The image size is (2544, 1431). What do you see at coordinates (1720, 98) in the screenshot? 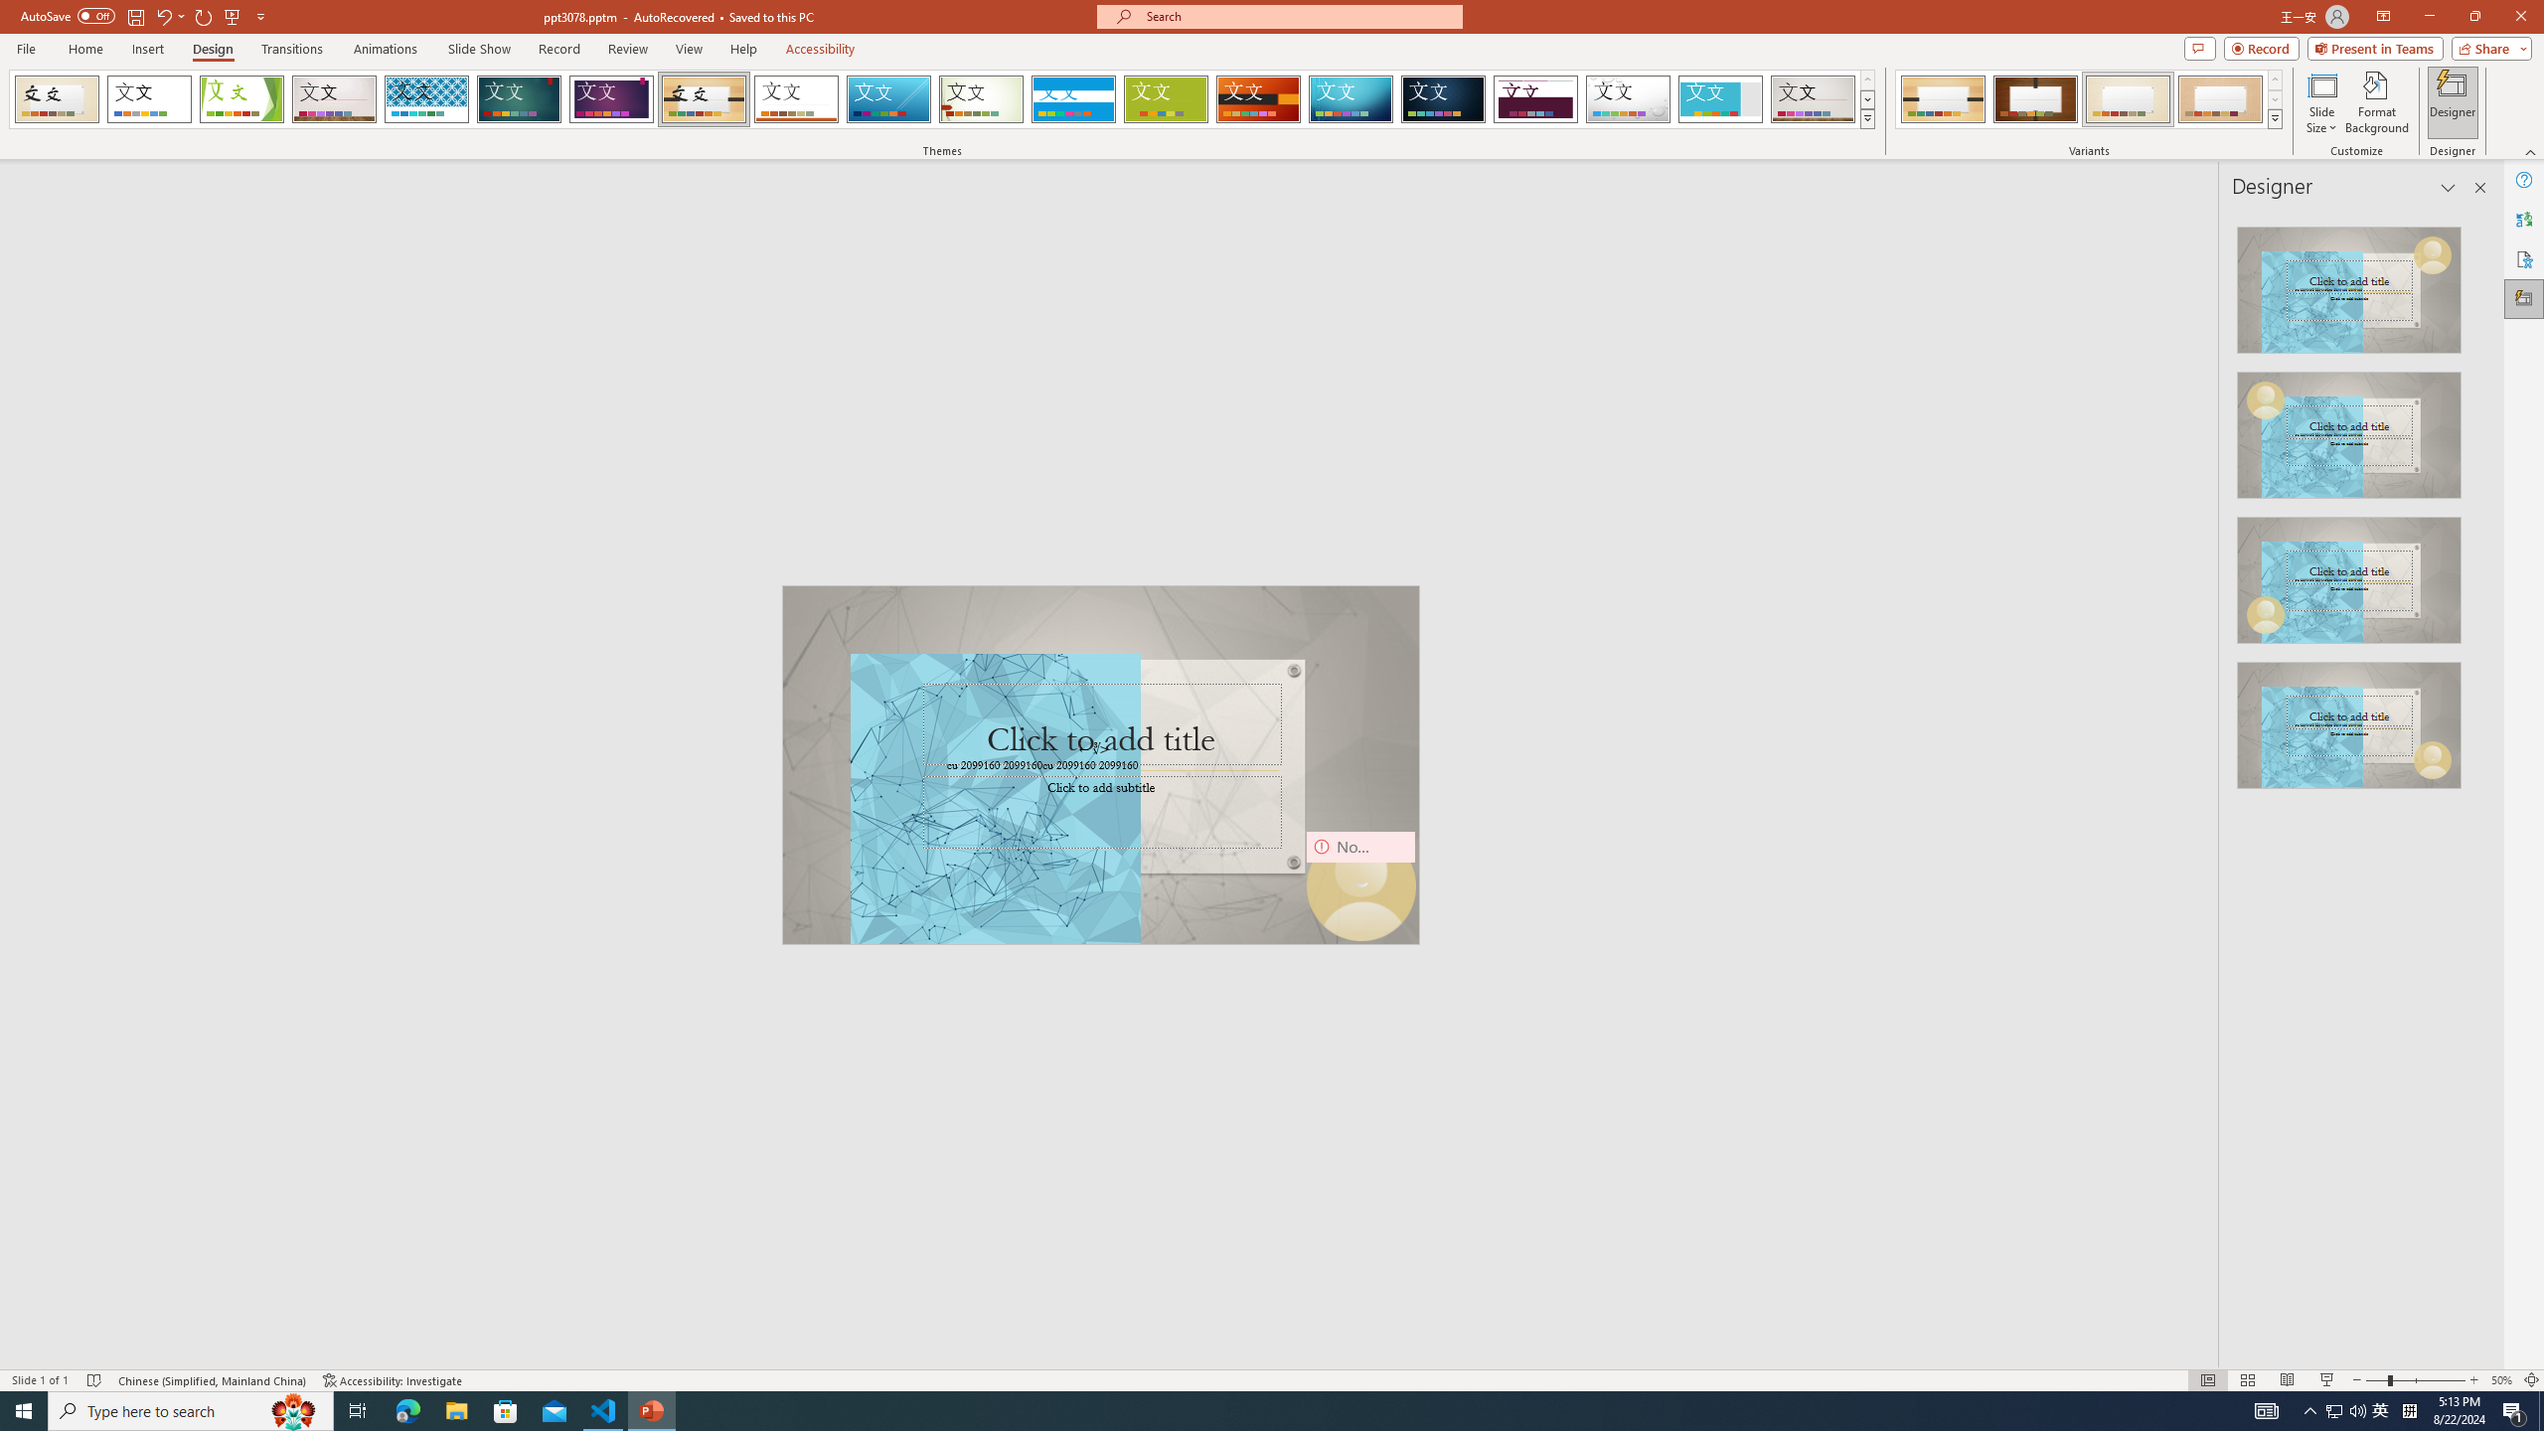
I see `'Frame'` at bounding box center [1720, 98].